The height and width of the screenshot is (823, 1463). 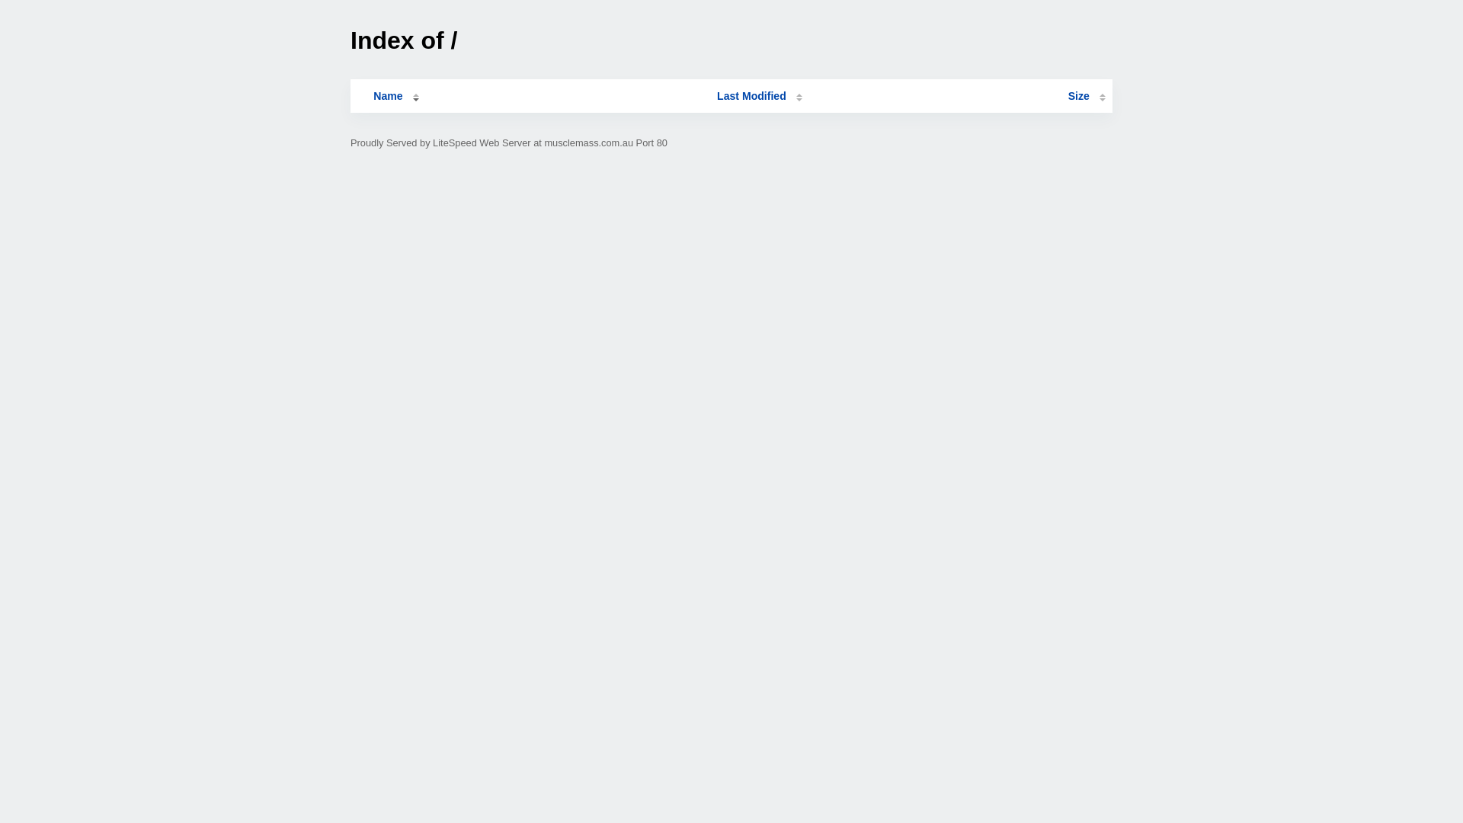 I want to click on 'Name', so click(x=357, y=96).